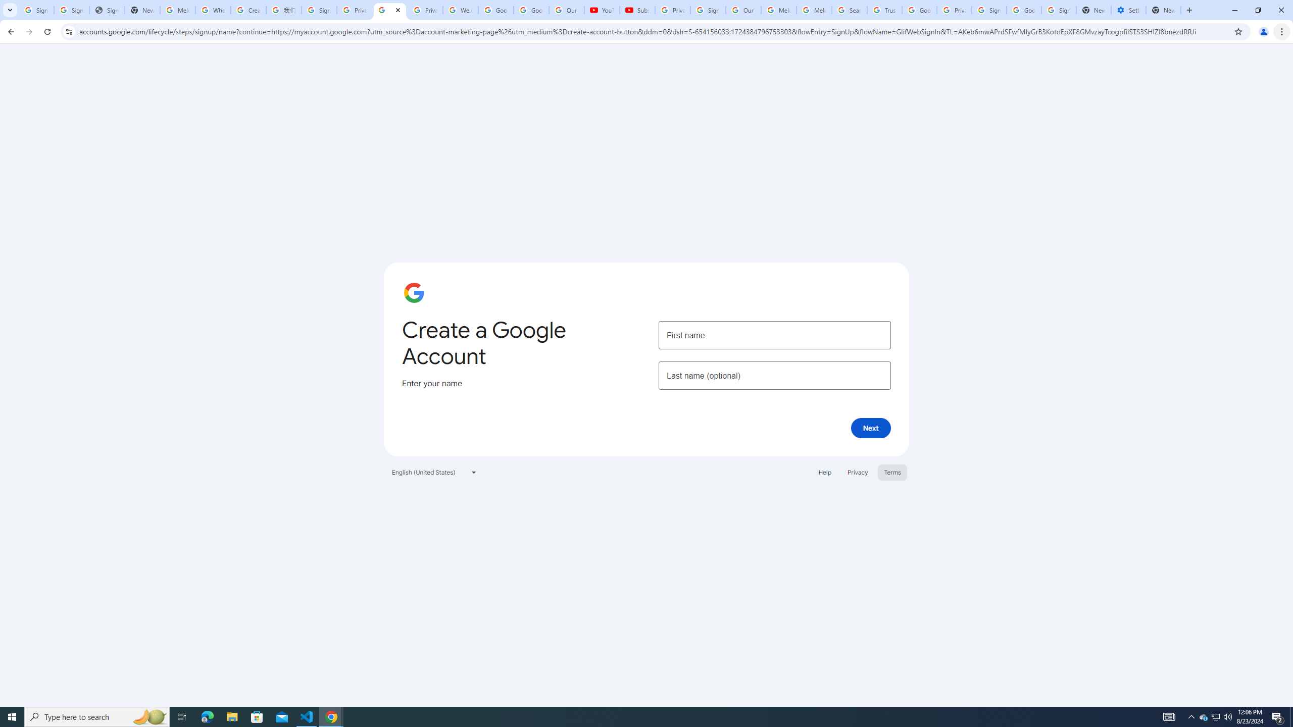  Describe the element at coordinates (871, 427) in the screenshot. I see `'Next'` at that location.